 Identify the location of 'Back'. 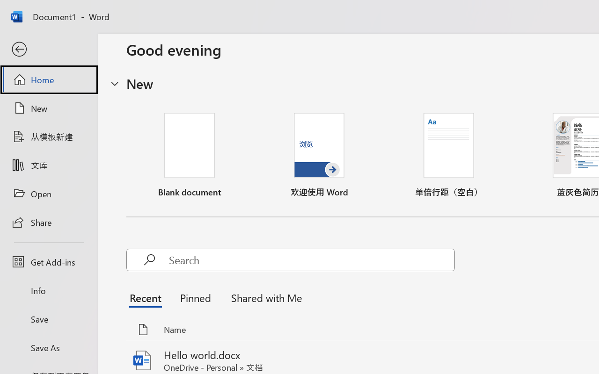
(48, 49).